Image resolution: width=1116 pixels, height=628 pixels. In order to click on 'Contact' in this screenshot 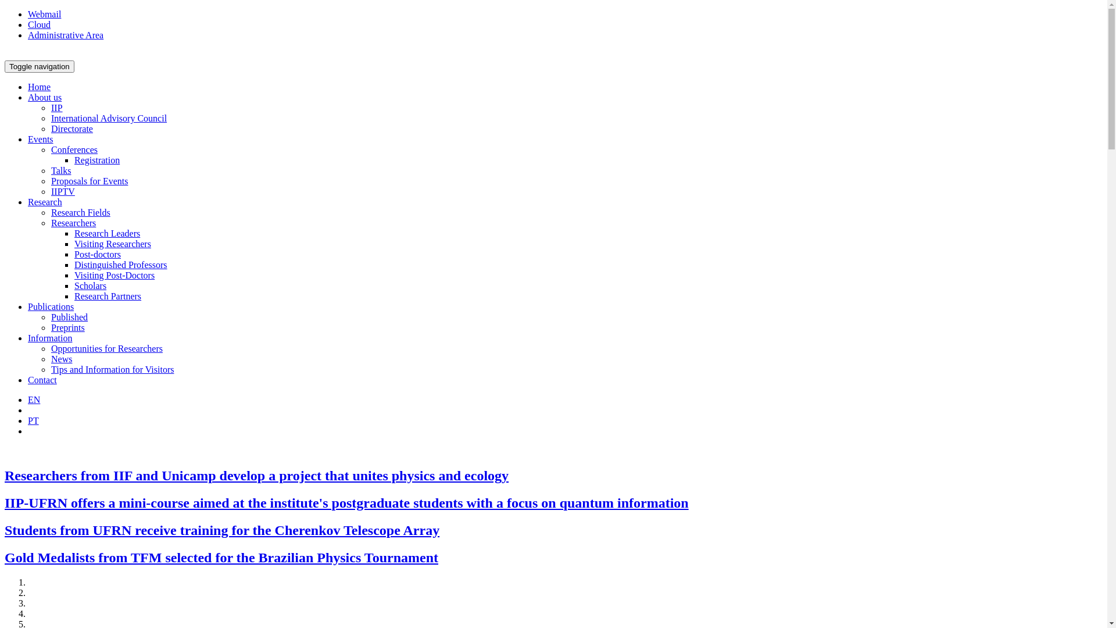, I will do `click(42, 380)`.